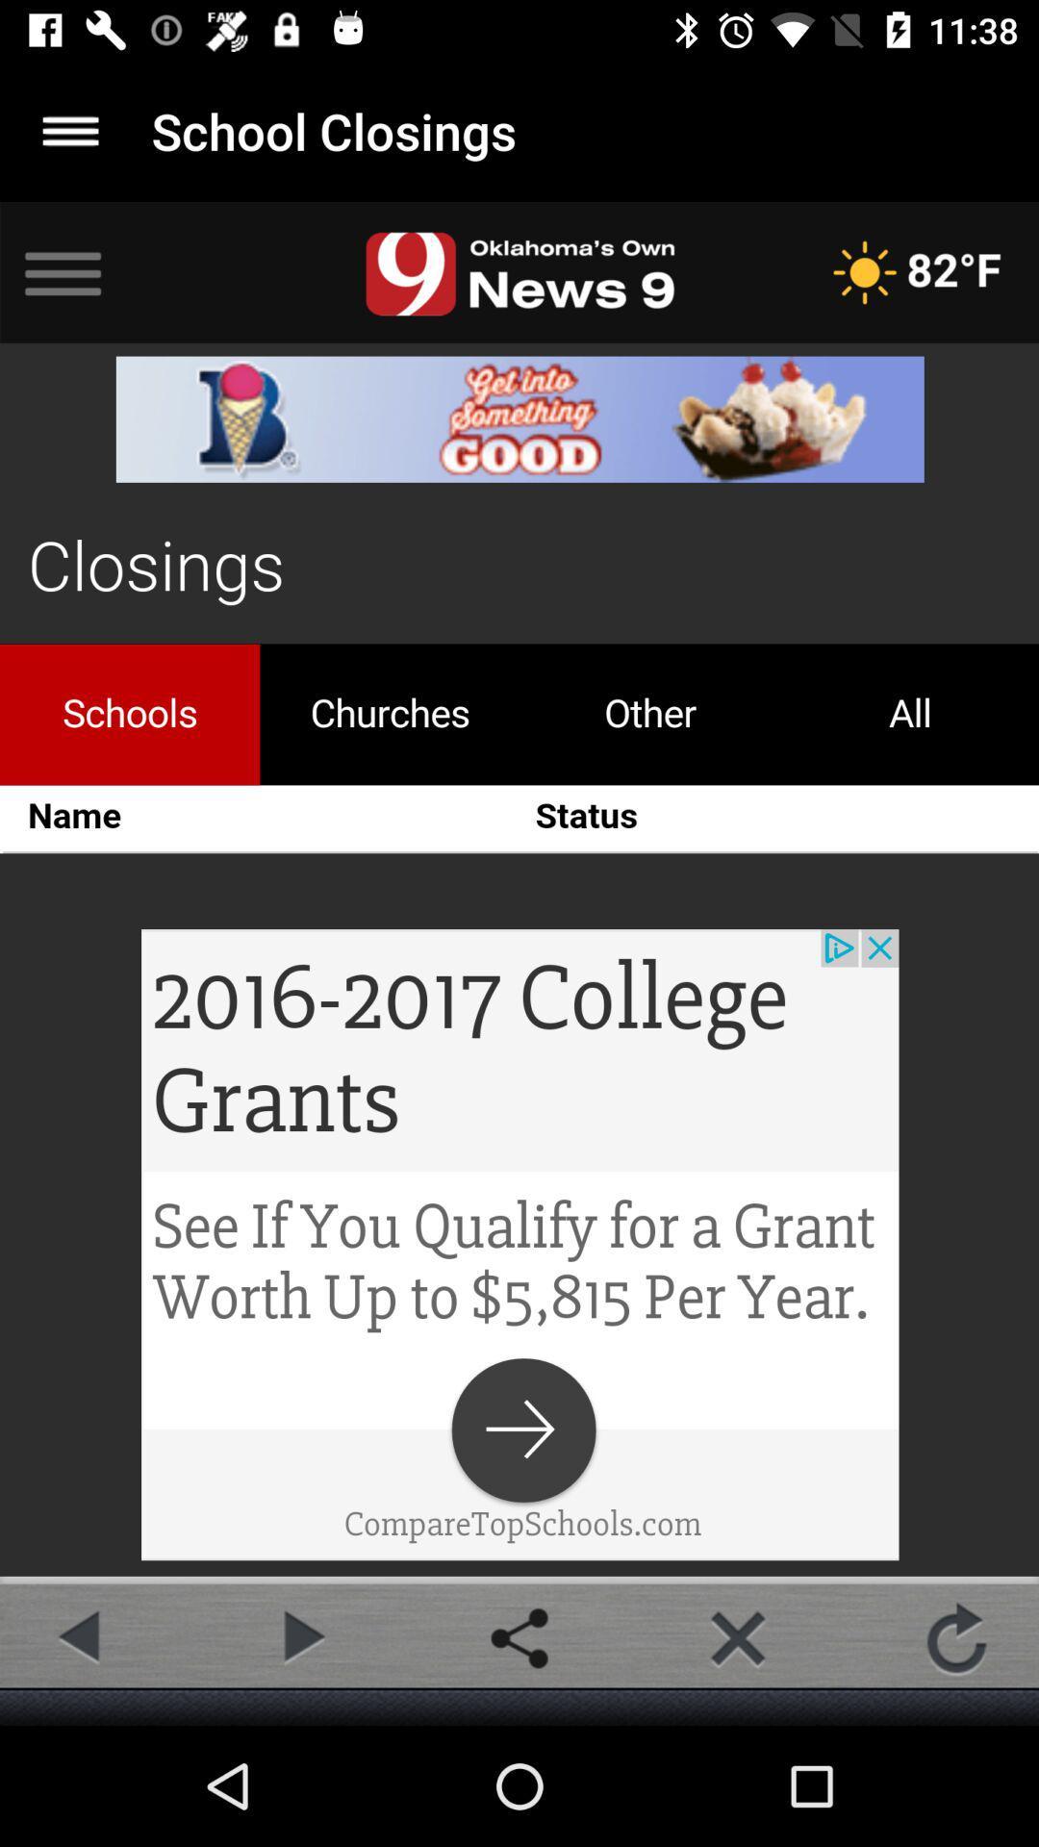 The width and height of the screenshot is (1039, 1847). I want to click on previous, so click(81, 1637).